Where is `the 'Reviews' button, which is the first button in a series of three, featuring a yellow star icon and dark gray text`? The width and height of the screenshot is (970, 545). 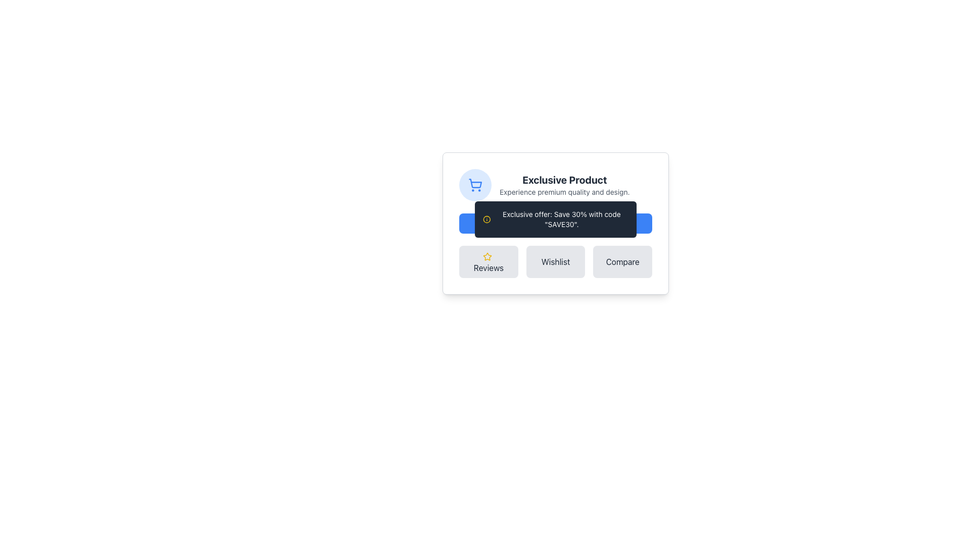
the 'Reviews' button, which is the first button in a series of three, featuring a yellow star icon and dark gray text is located at coordinates (489, 261).